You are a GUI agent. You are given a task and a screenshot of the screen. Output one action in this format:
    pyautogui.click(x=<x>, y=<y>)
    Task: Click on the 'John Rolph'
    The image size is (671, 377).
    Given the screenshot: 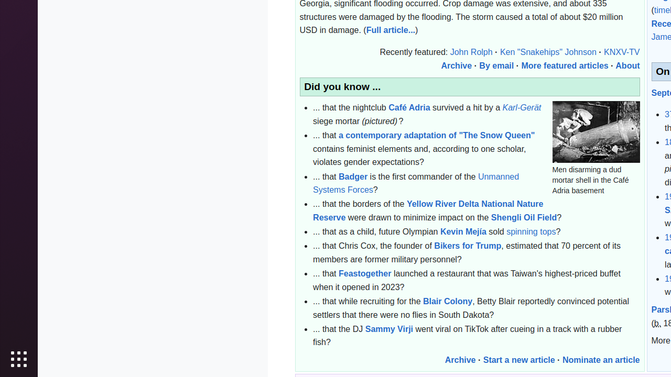 What is the action you would take?
    pyautogui.click(x=470, y=52)
    